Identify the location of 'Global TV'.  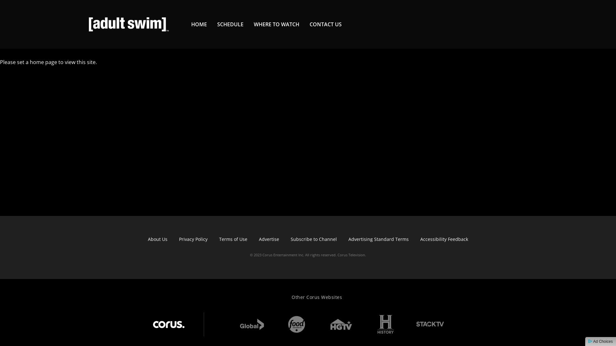
(252, 324).